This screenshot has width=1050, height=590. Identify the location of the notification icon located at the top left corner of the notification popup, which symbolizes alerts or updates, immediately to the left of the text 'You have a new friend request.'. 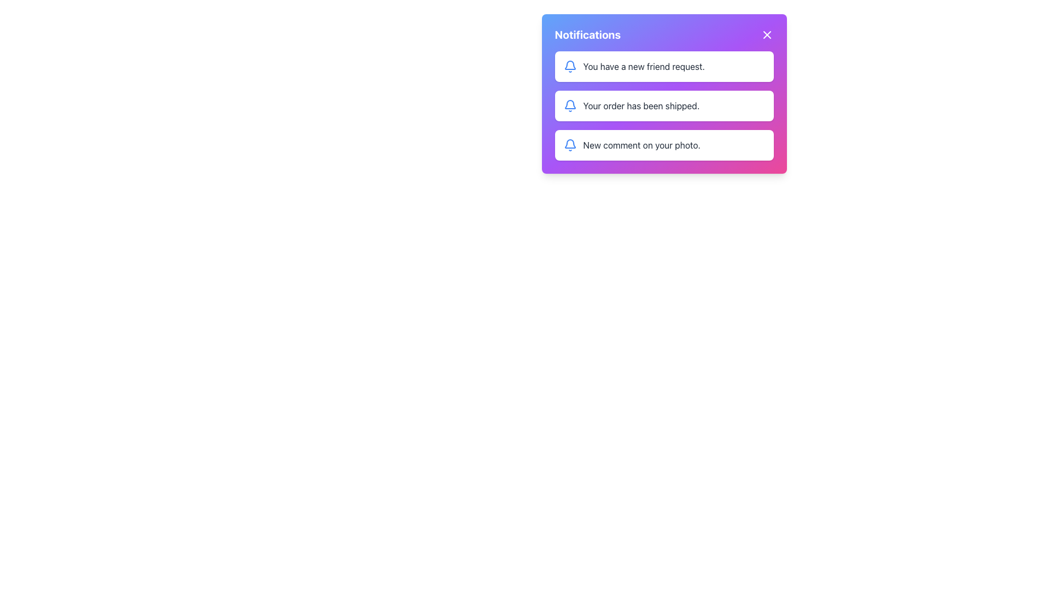
(569, 65).